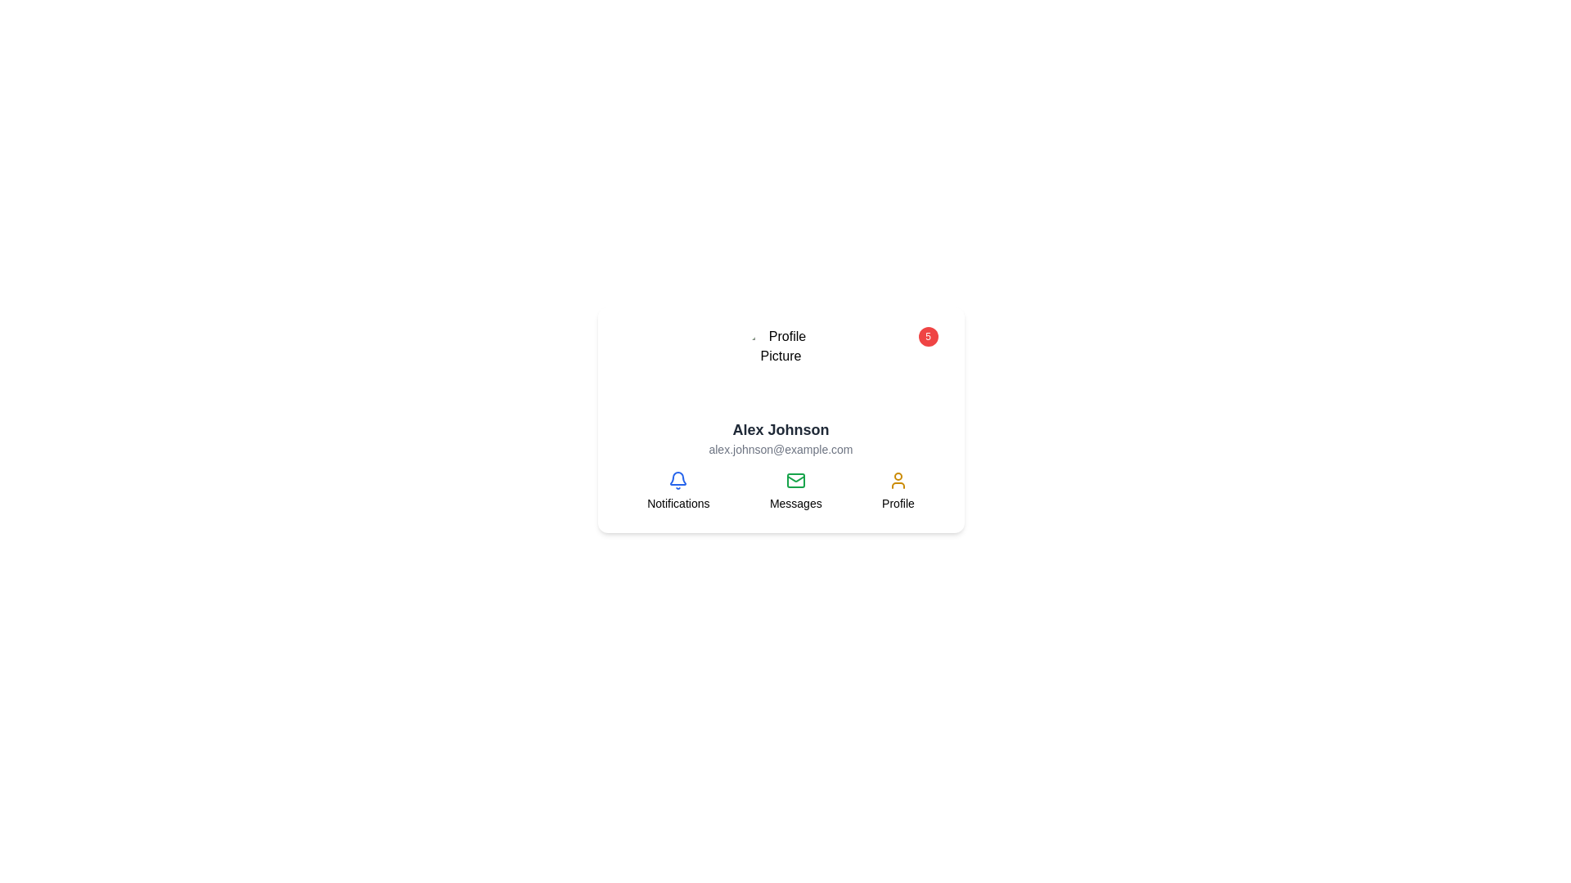  Describe the element at coordinates (678, 491) in the screenshot. I see `the notifications menu item located at the bottom left corner of the user profile card, which is the first item in a horizontal menu` at that location.